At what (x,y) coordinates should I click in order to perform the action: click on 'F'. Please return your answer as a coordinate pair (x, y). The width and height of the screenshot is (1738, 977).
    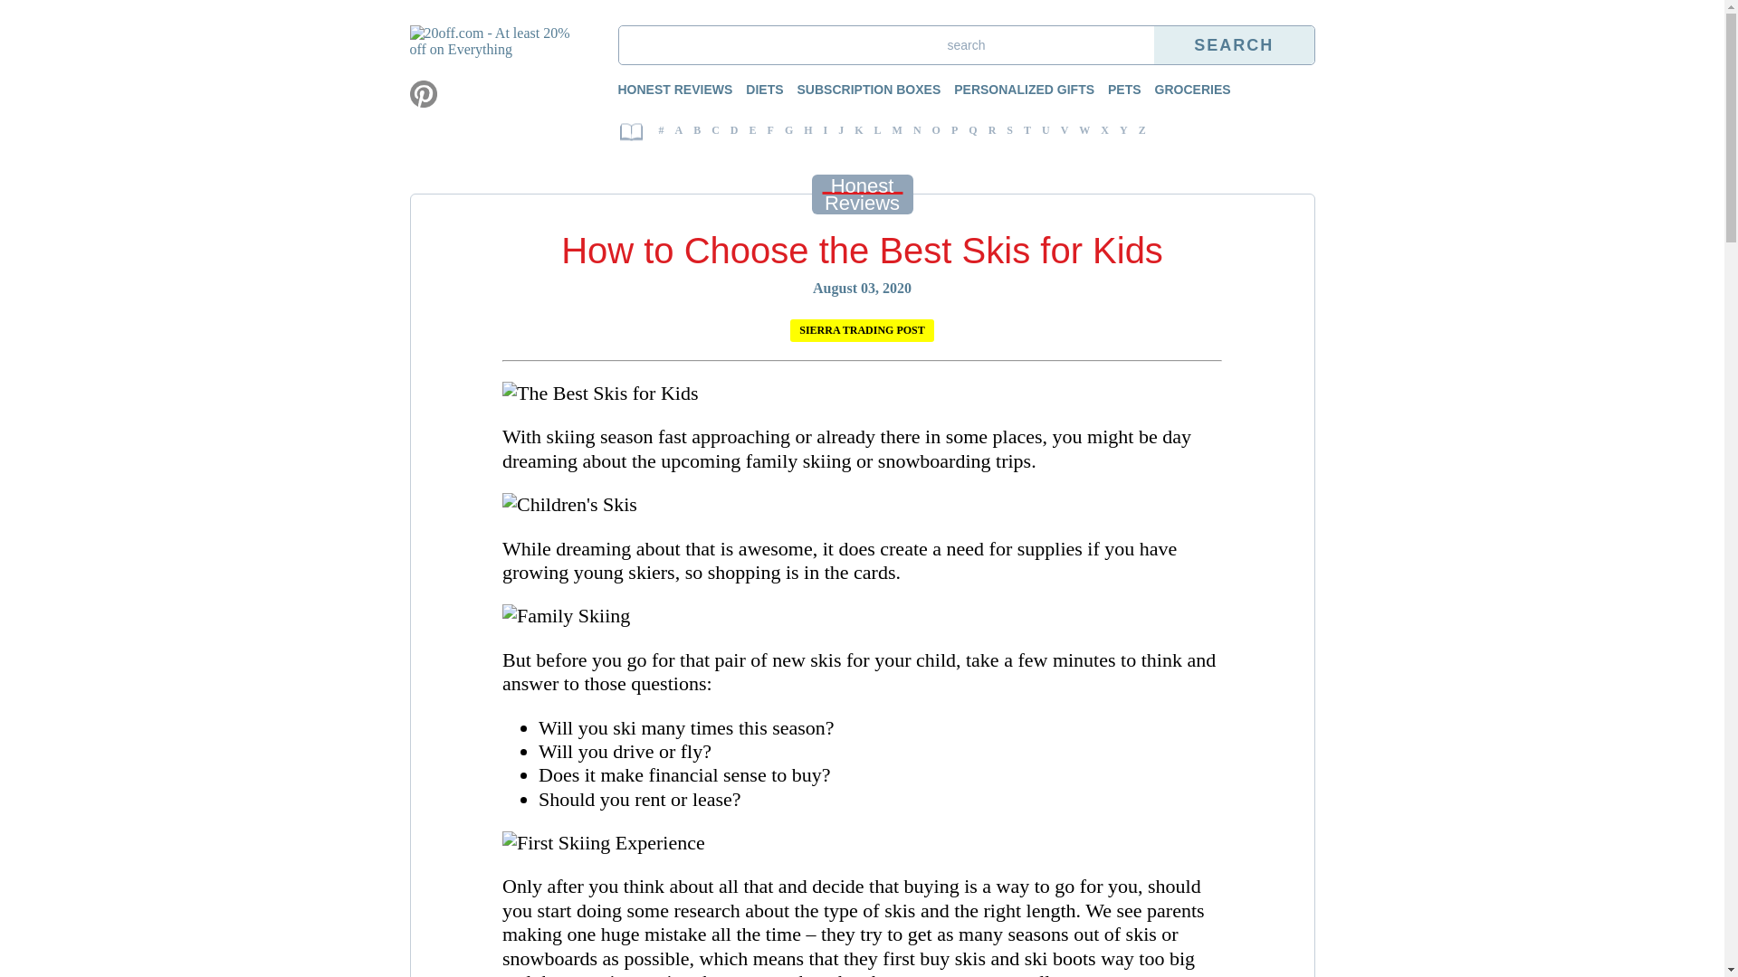
    Looking at the image, I should click on (770, 129).